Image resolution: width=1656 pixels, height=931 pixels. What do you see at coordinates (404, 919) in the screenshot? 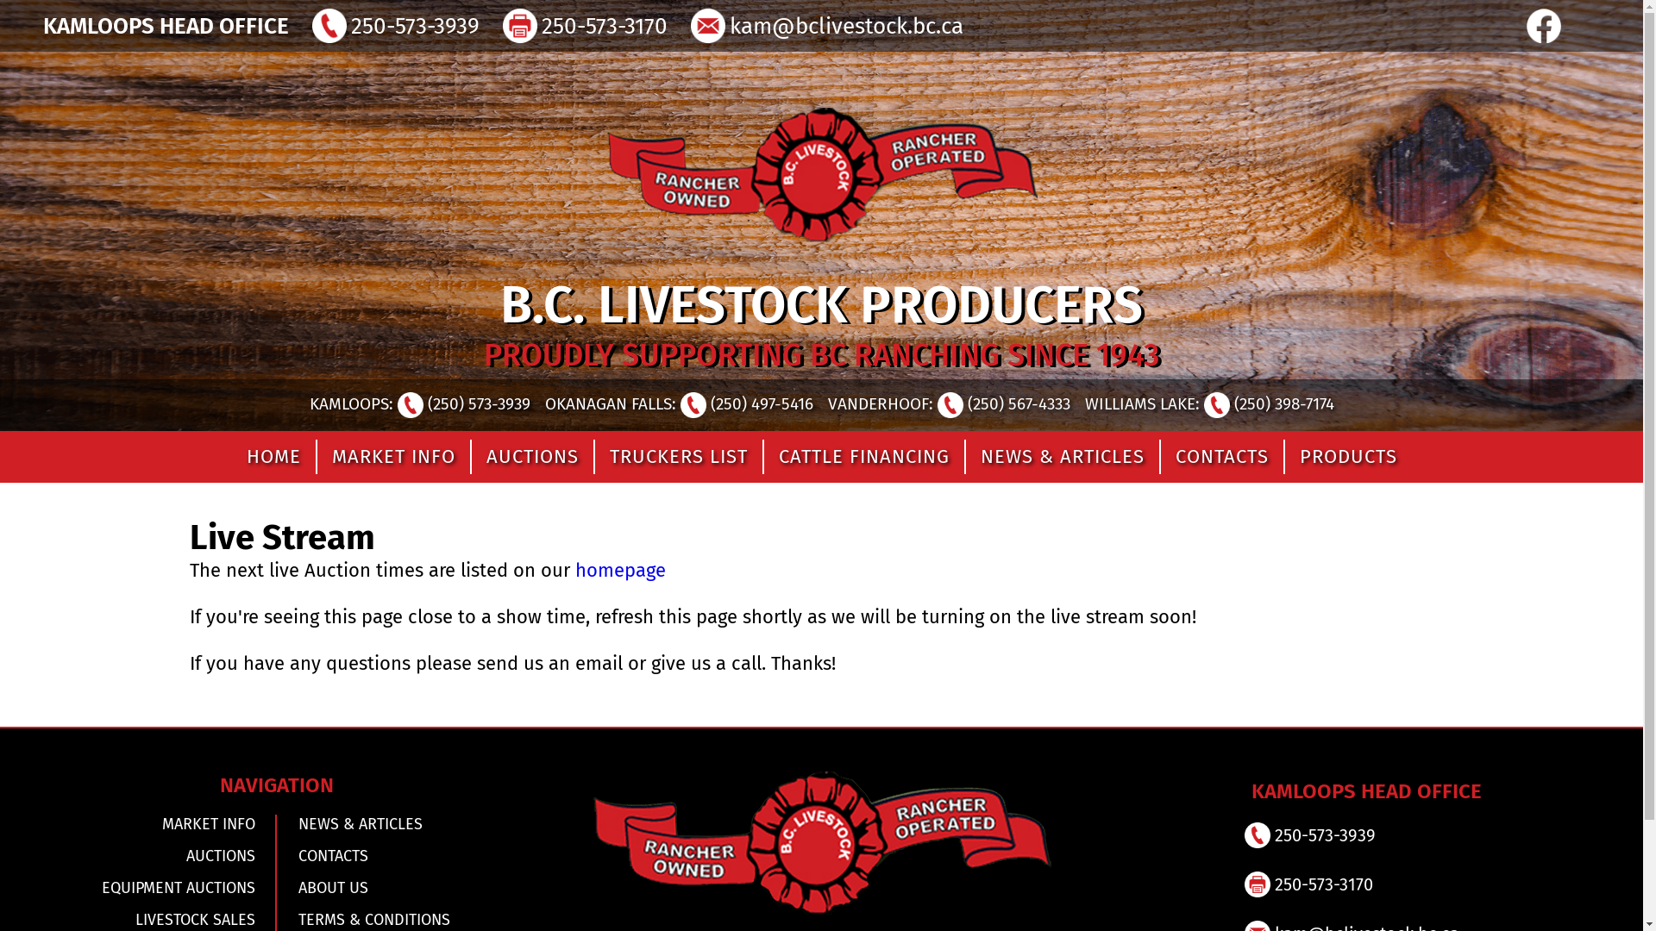
I see `'TERMS & CONDITIONS'` at bounding box center [404, 919].